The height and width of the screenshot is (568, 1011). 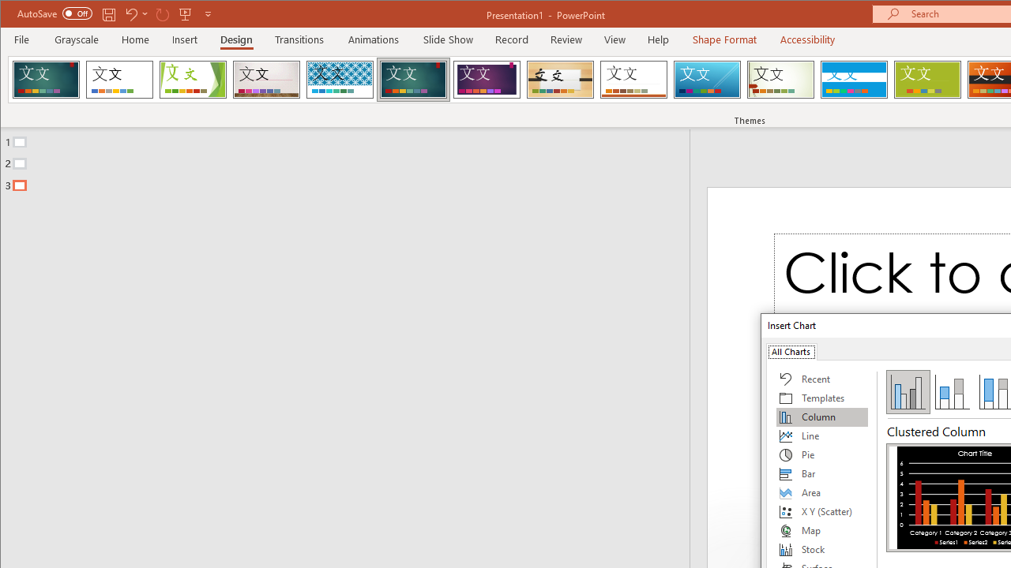 What do you see at coordinates (821, 512) in the screenshot?
I see `'X Y (Scatter)'` at bounding box center [821, 512].